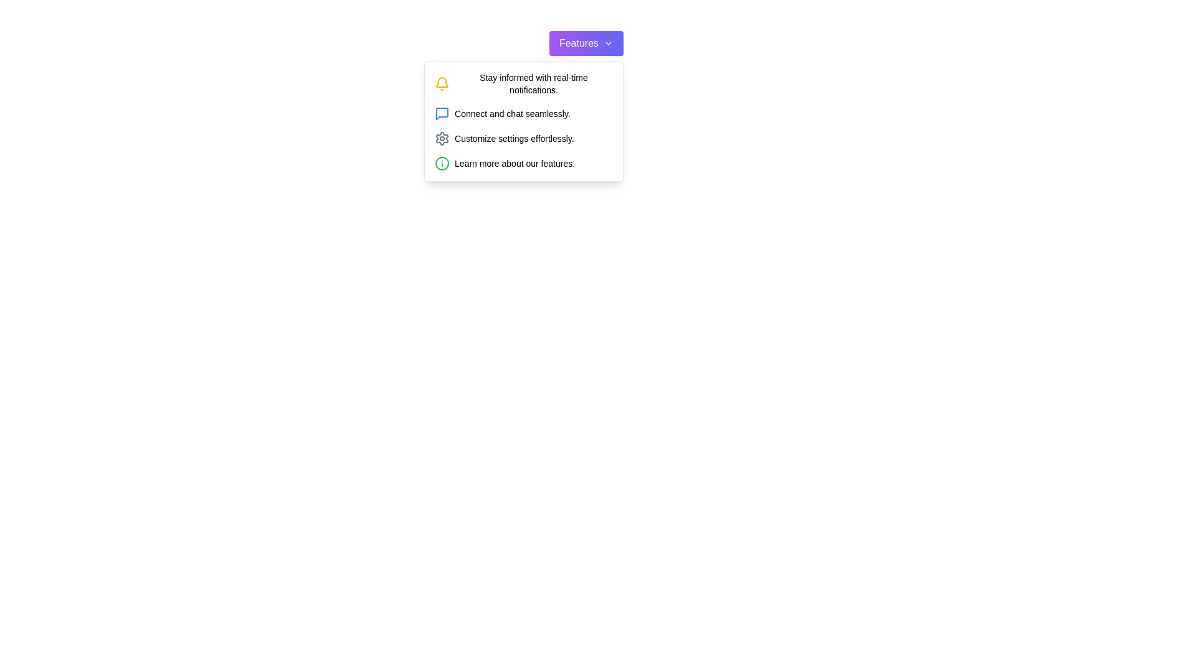 Image resolution: width=1196 pixels, height=672 pixels. What do you see at coordinates (442, 113) in the screenshot?
I see `the appearance of the chat icon located in the dropdown list, which is the second icon from the top, next to the text 'Connect and chat seamlessly.'` at bounding box center [442, 113].